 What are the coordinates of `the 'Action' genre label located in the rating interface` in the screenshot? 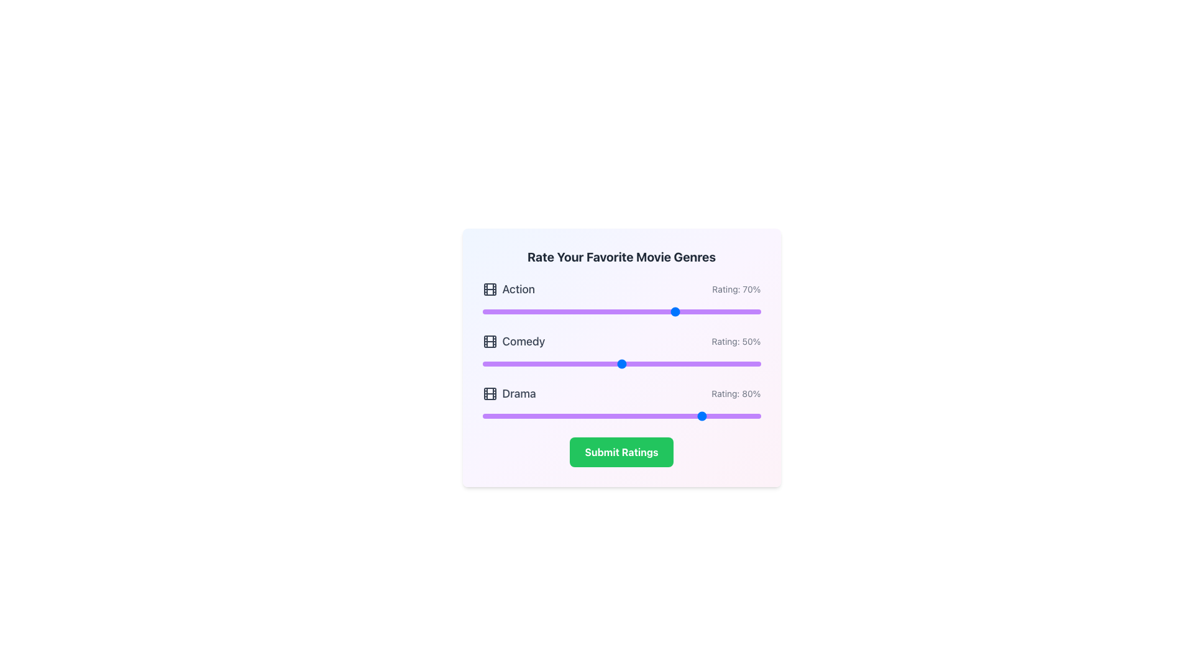 It's located at (518, 290).